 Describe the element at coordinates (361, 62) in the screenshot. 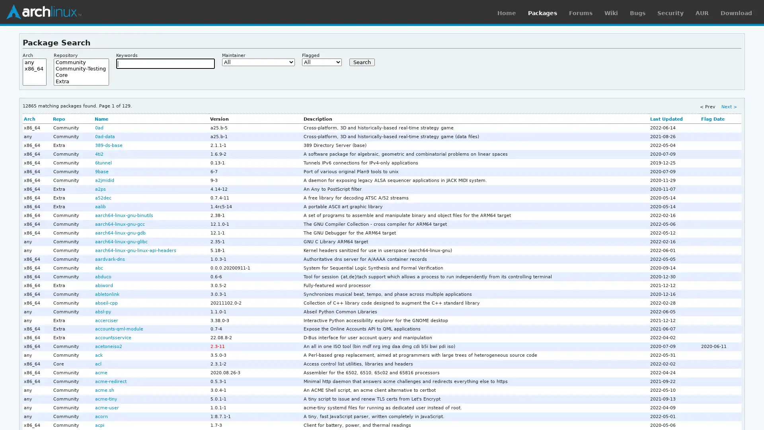

I see `Search` at that location.